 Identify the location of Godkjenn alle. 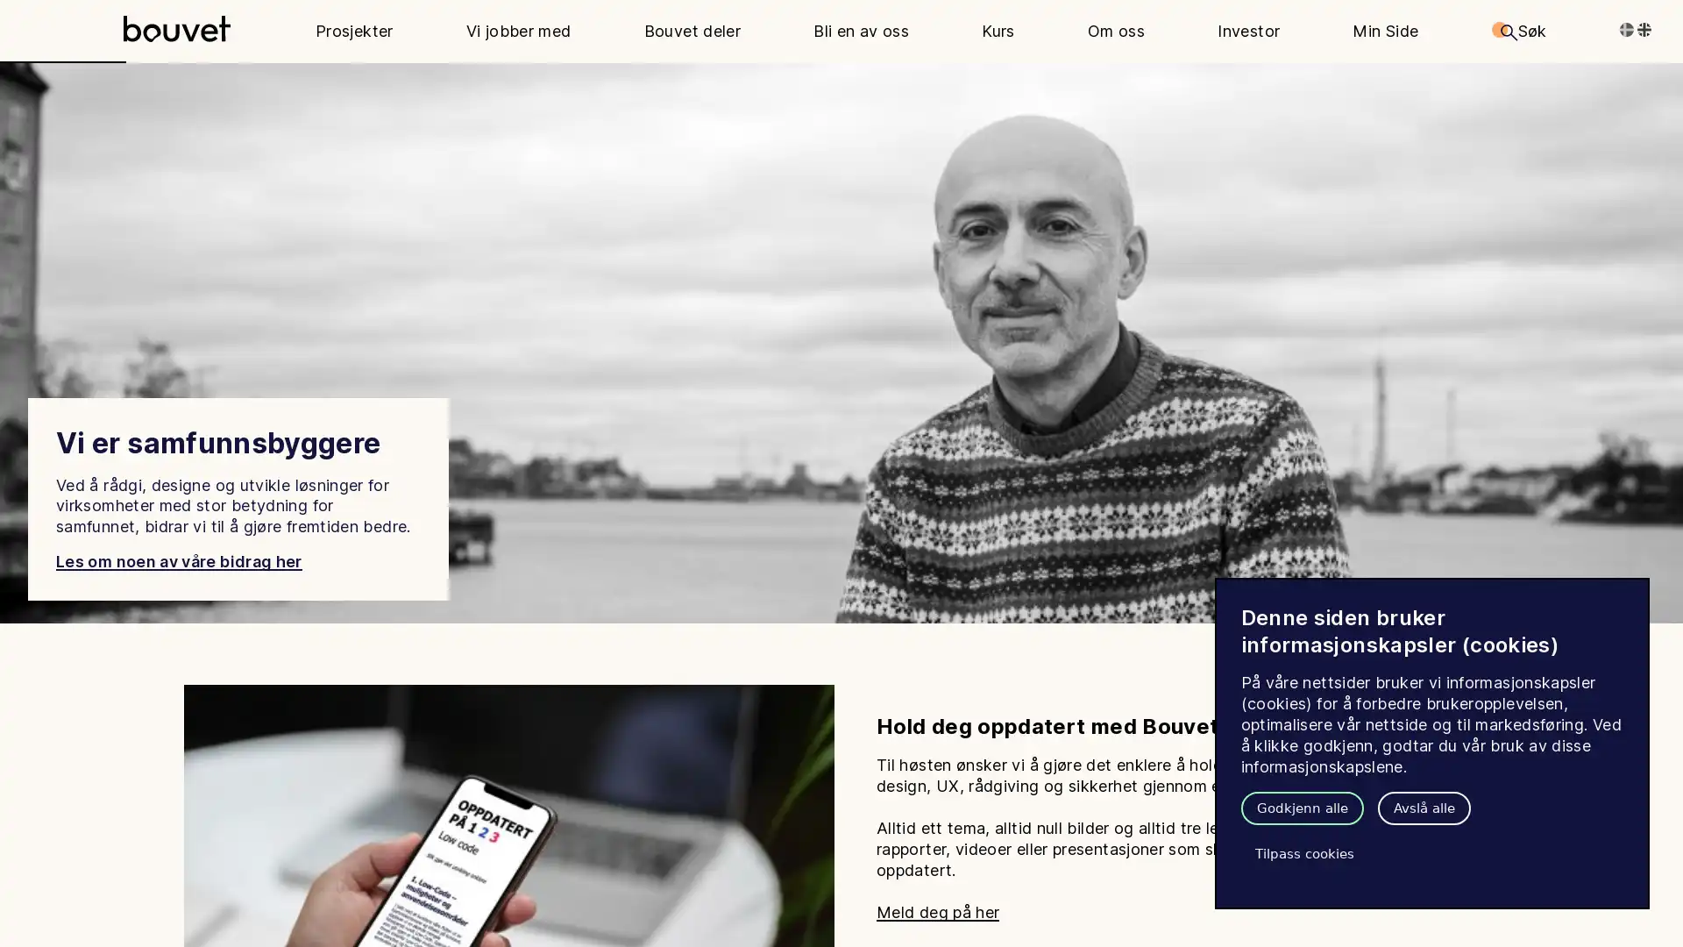
(1301, 808).